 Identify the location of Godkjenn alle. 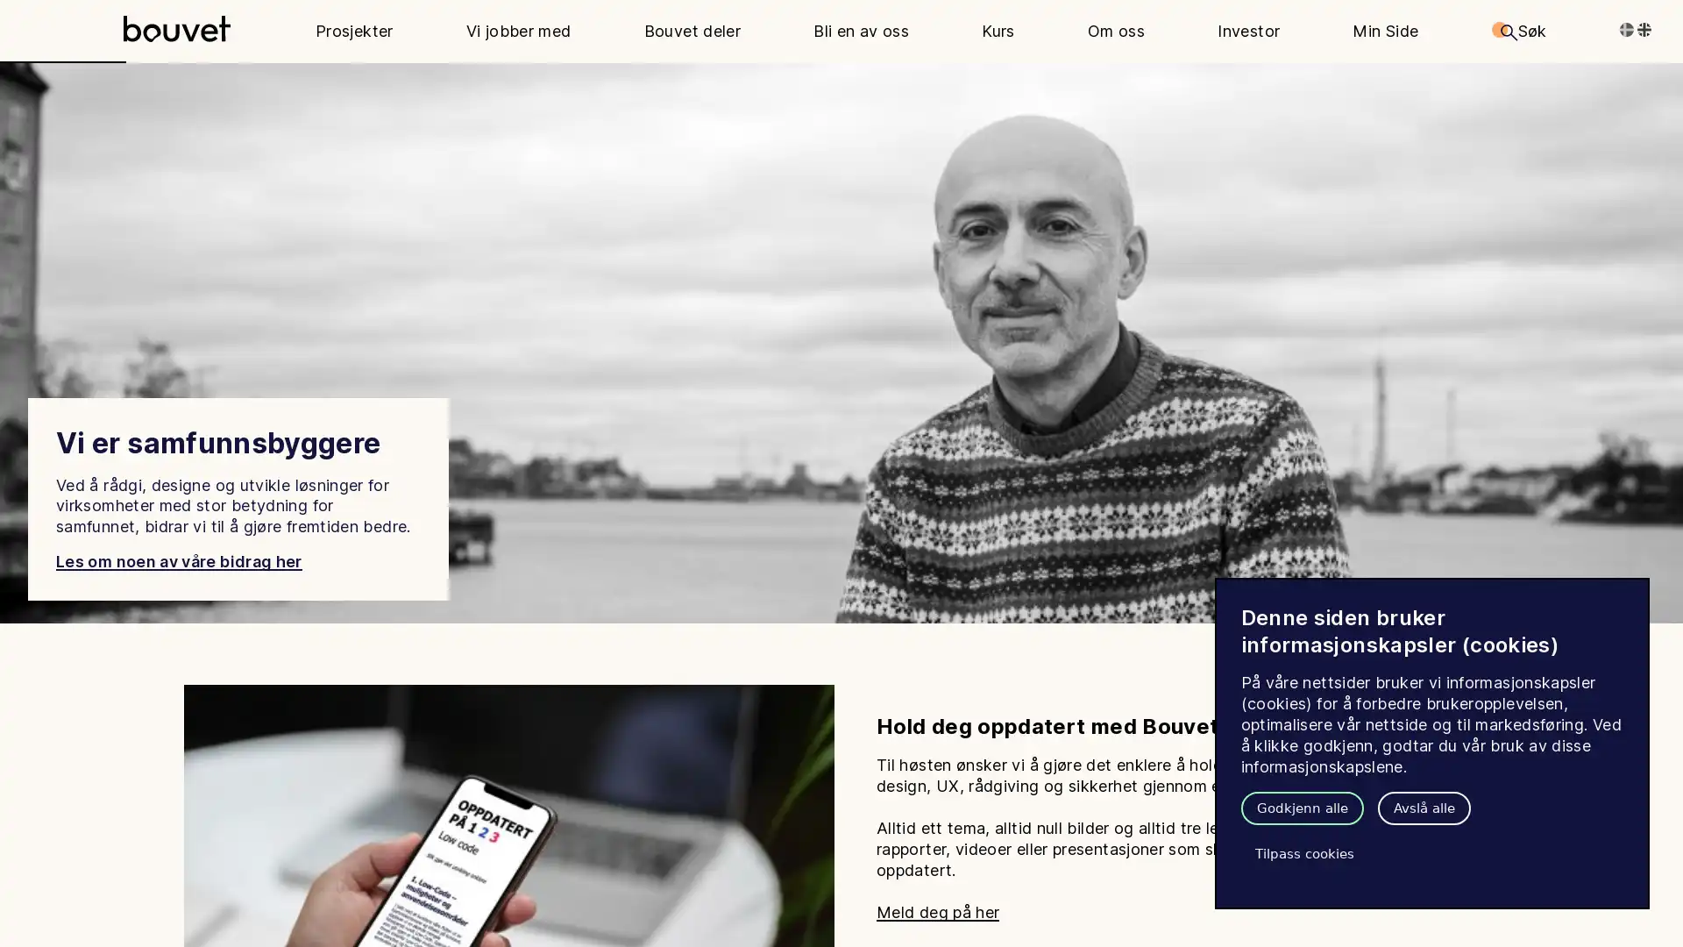
(1301, 808).